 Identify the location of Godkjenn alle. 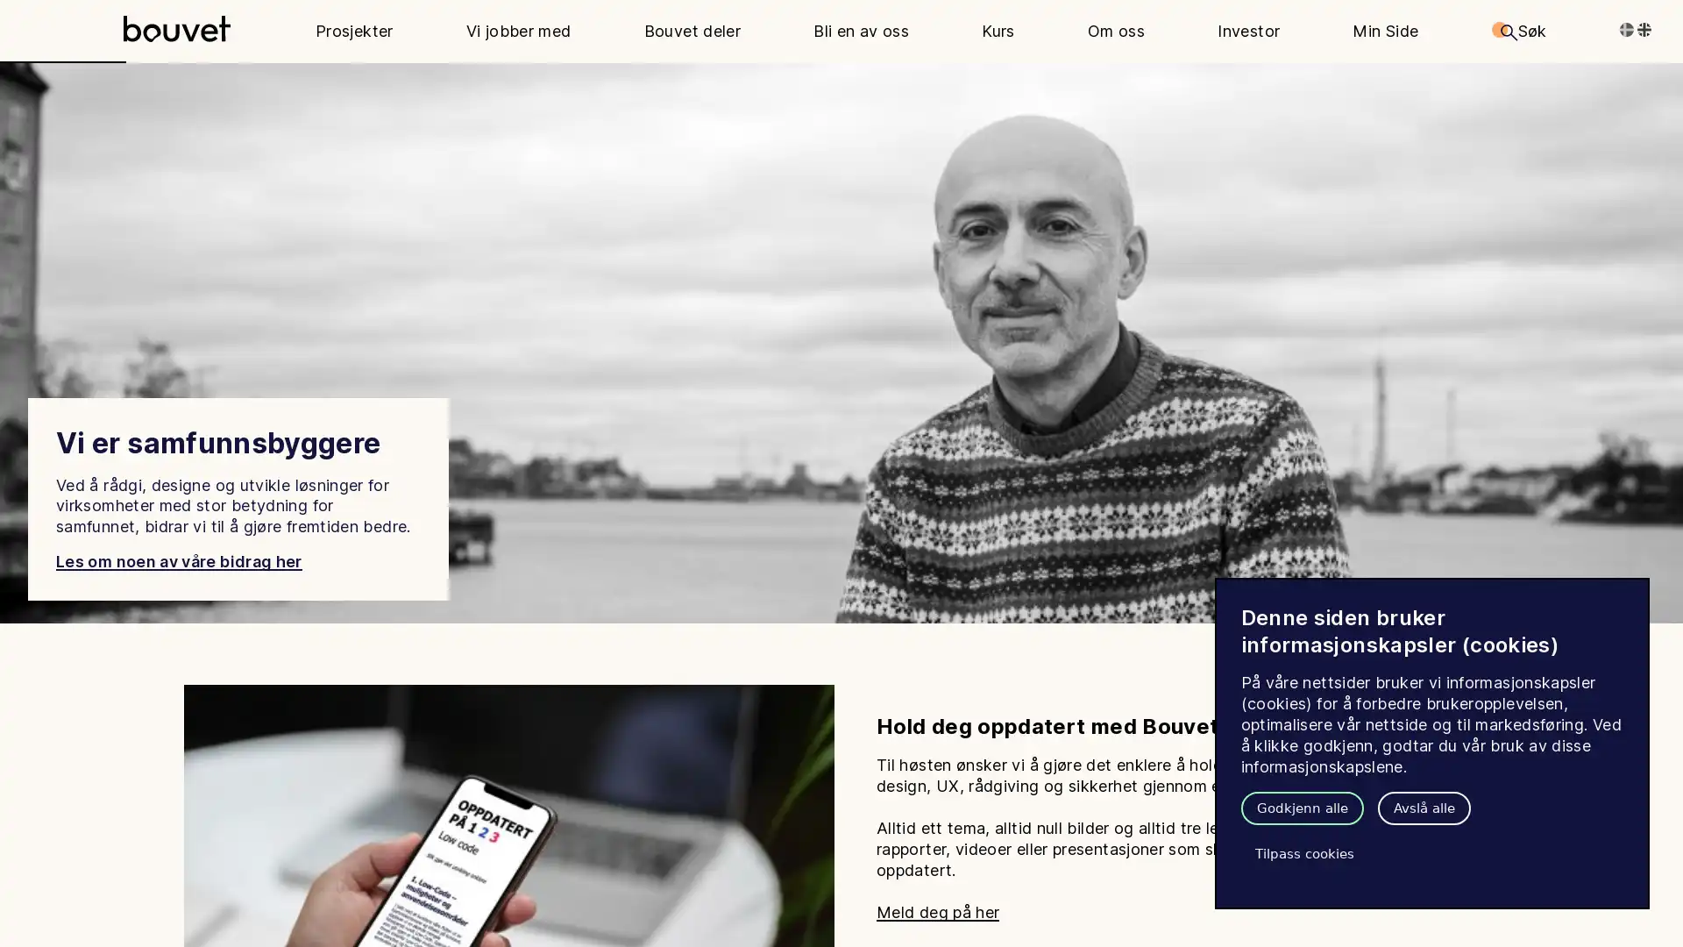
(1301, 808).